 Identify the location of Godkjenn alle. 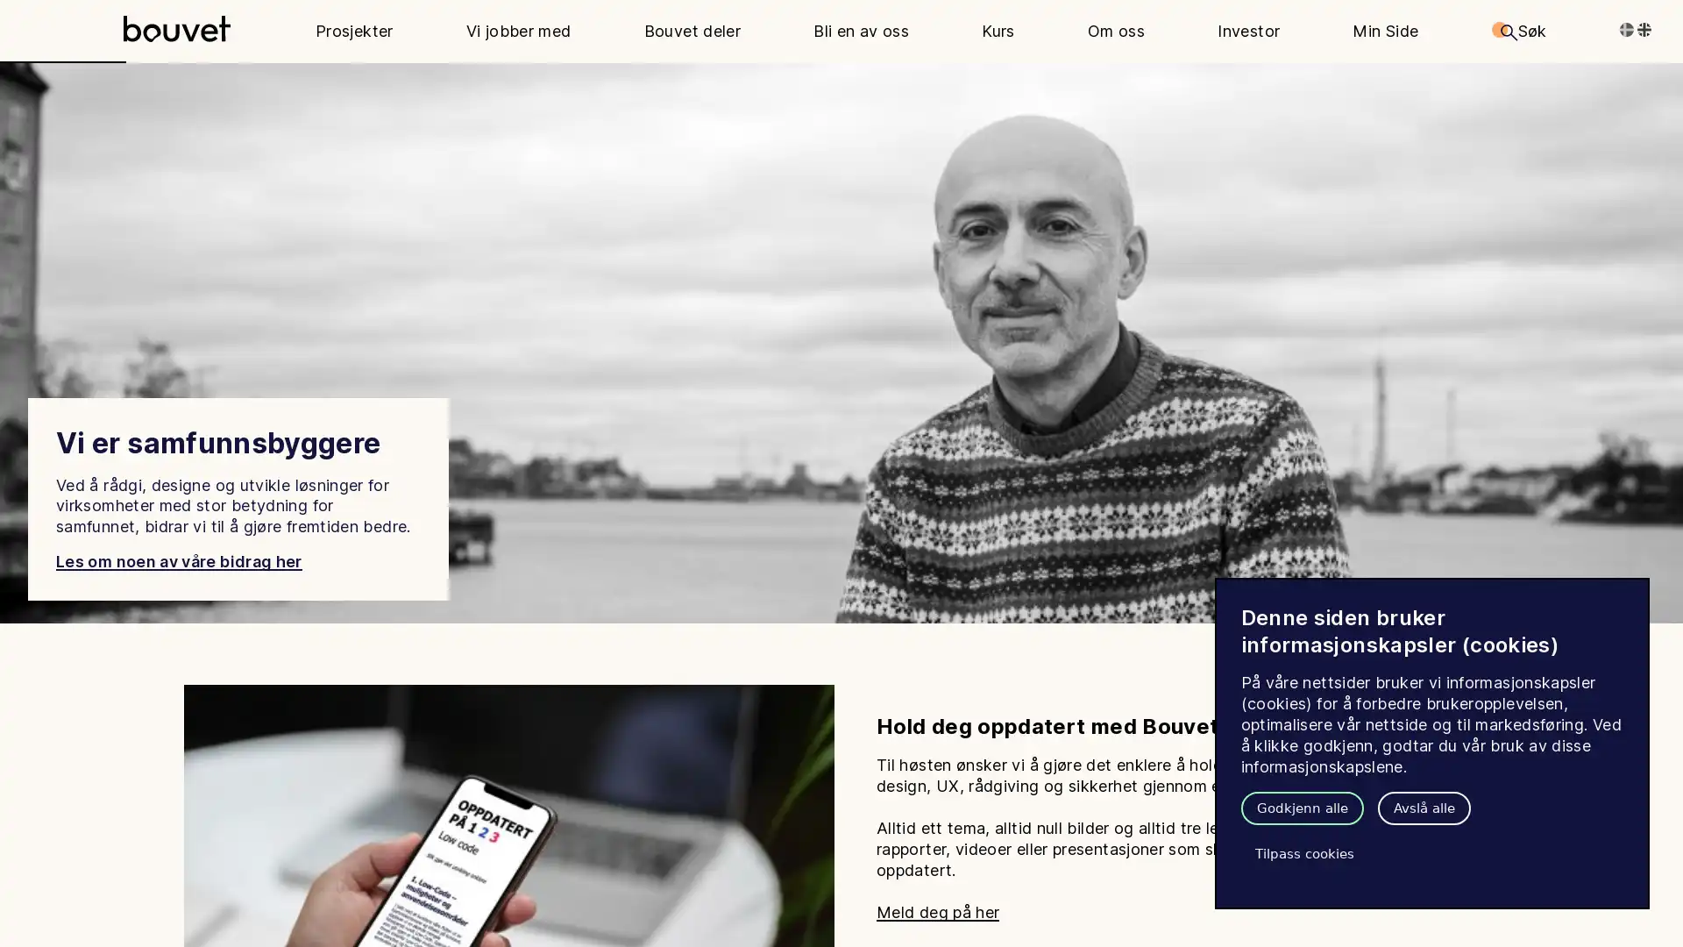
(1301, 808).